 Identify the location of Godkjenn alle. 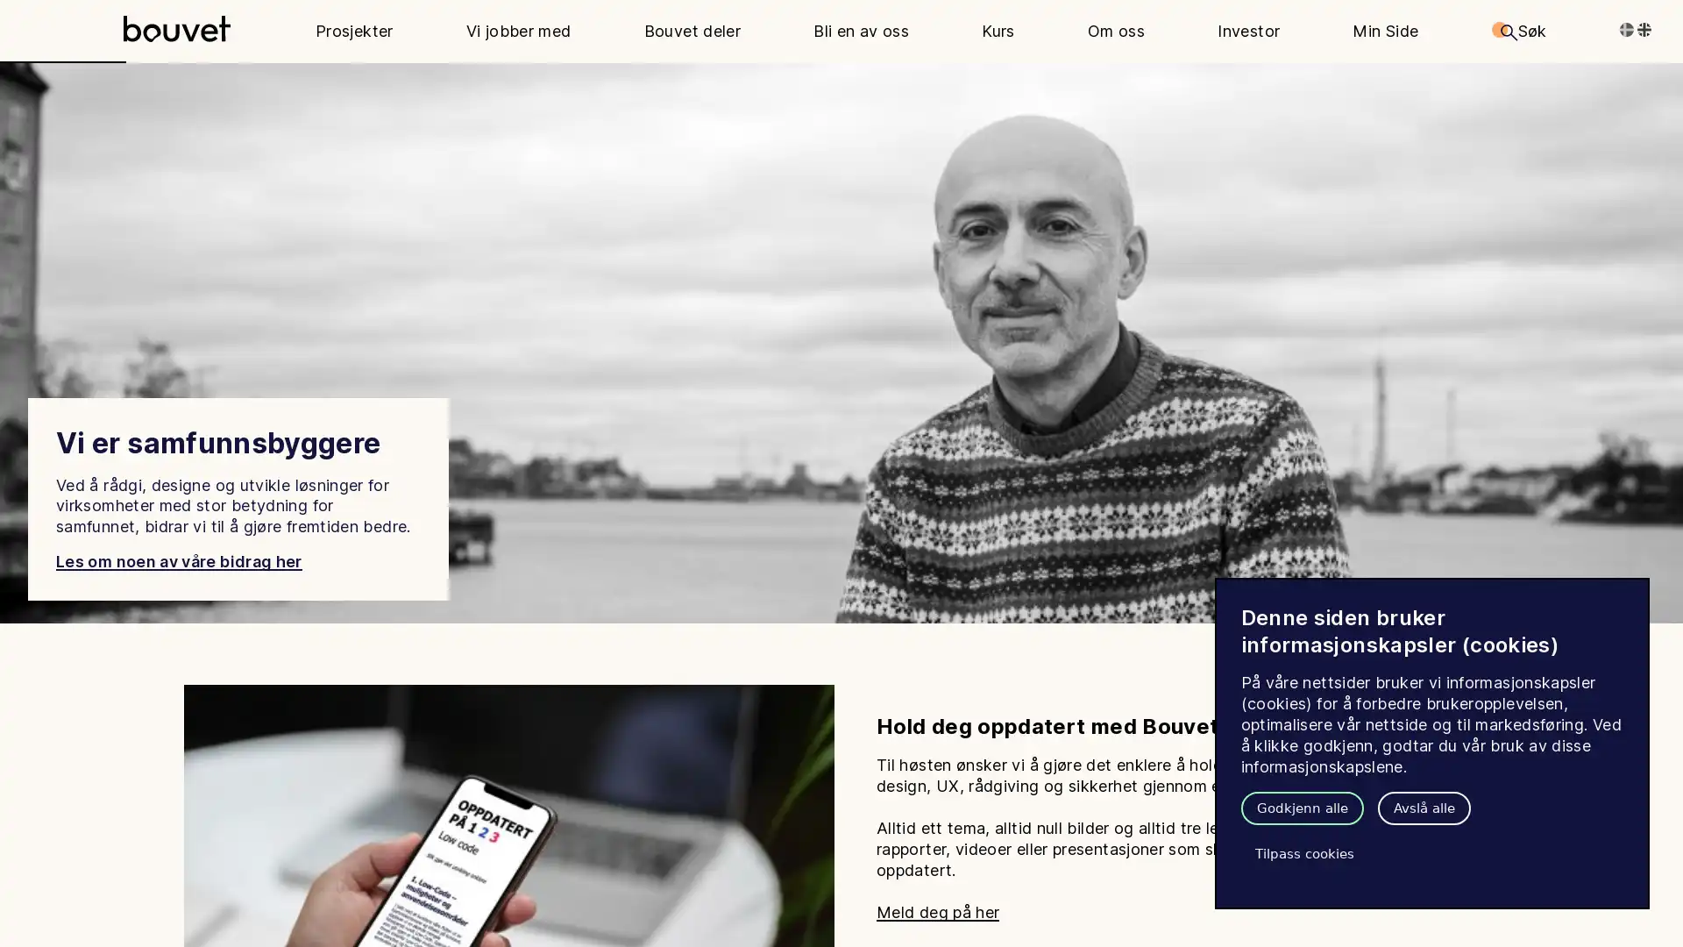
(1301, 808).